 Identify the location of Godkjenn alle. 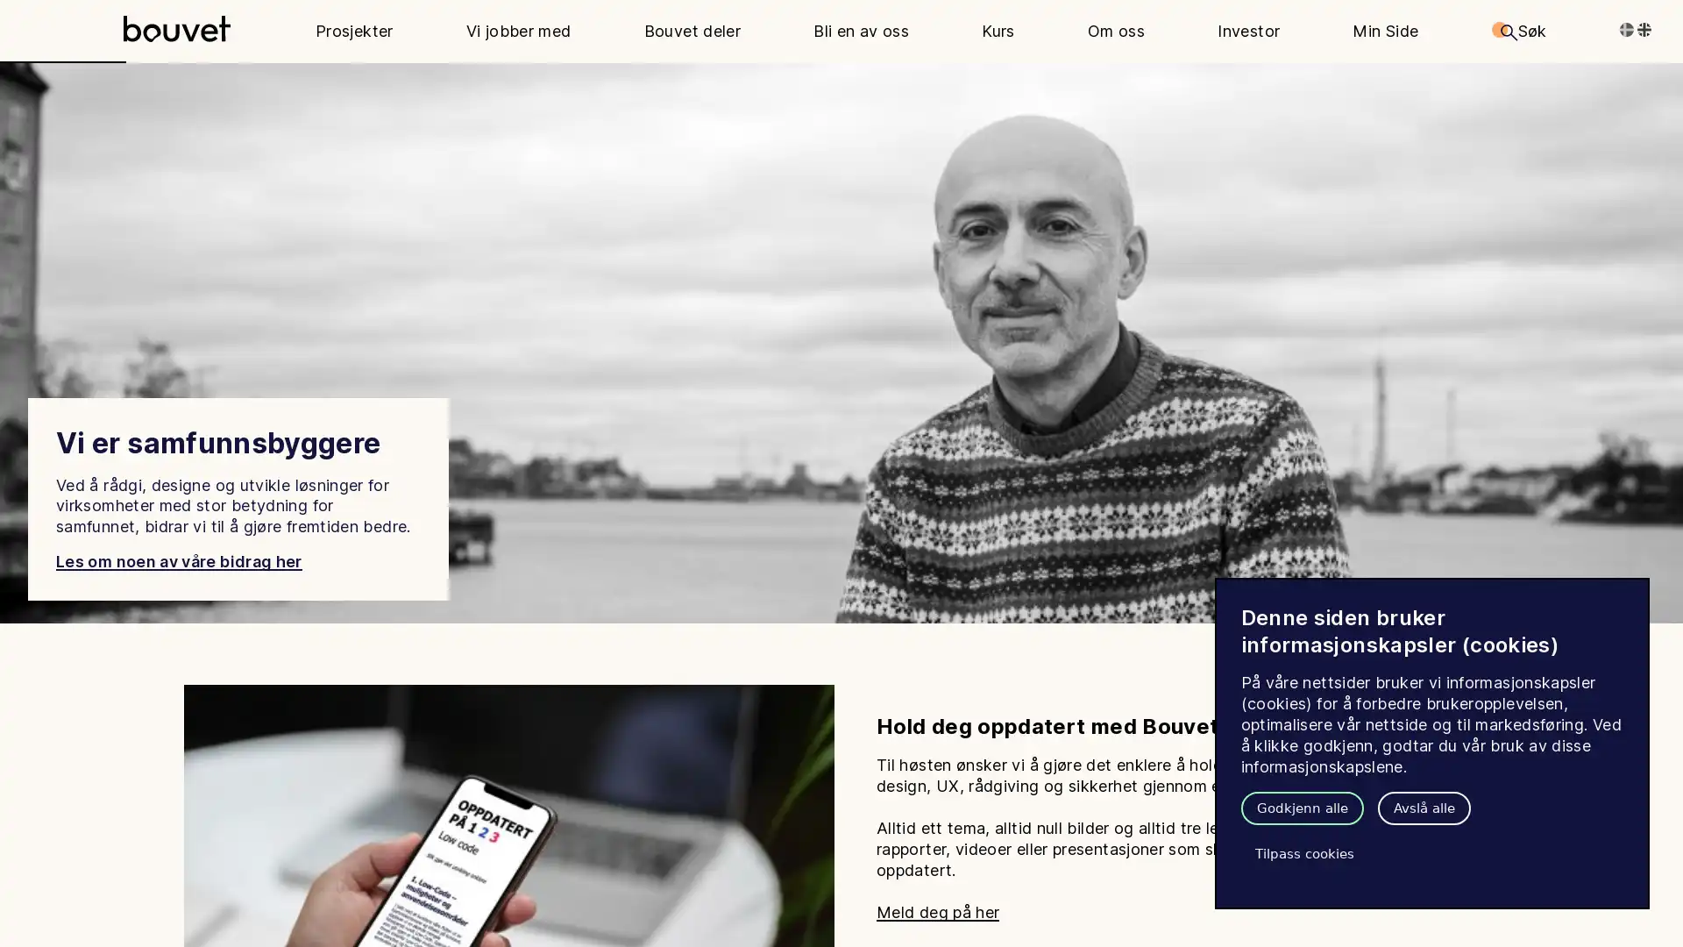
(1301, 808).